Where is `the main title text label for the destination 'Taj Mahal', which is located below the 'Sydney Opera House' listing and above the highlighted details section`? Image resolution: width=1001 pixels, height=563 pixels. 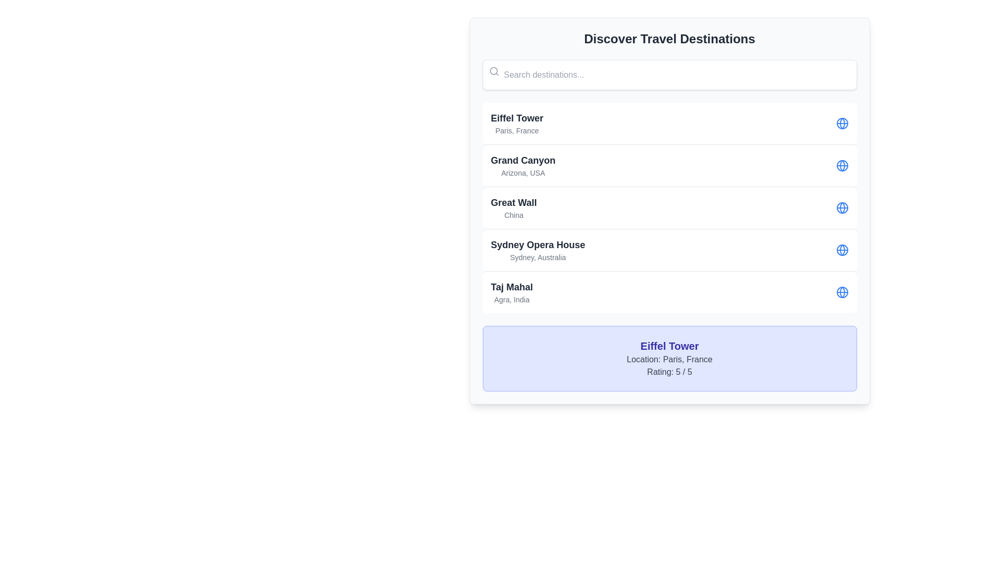 the main title text label for the destination 'Taj Mahal', which is located below the 'Sydney Opera House' listing and above the highlighted details section is located at coordinates (511, 287).